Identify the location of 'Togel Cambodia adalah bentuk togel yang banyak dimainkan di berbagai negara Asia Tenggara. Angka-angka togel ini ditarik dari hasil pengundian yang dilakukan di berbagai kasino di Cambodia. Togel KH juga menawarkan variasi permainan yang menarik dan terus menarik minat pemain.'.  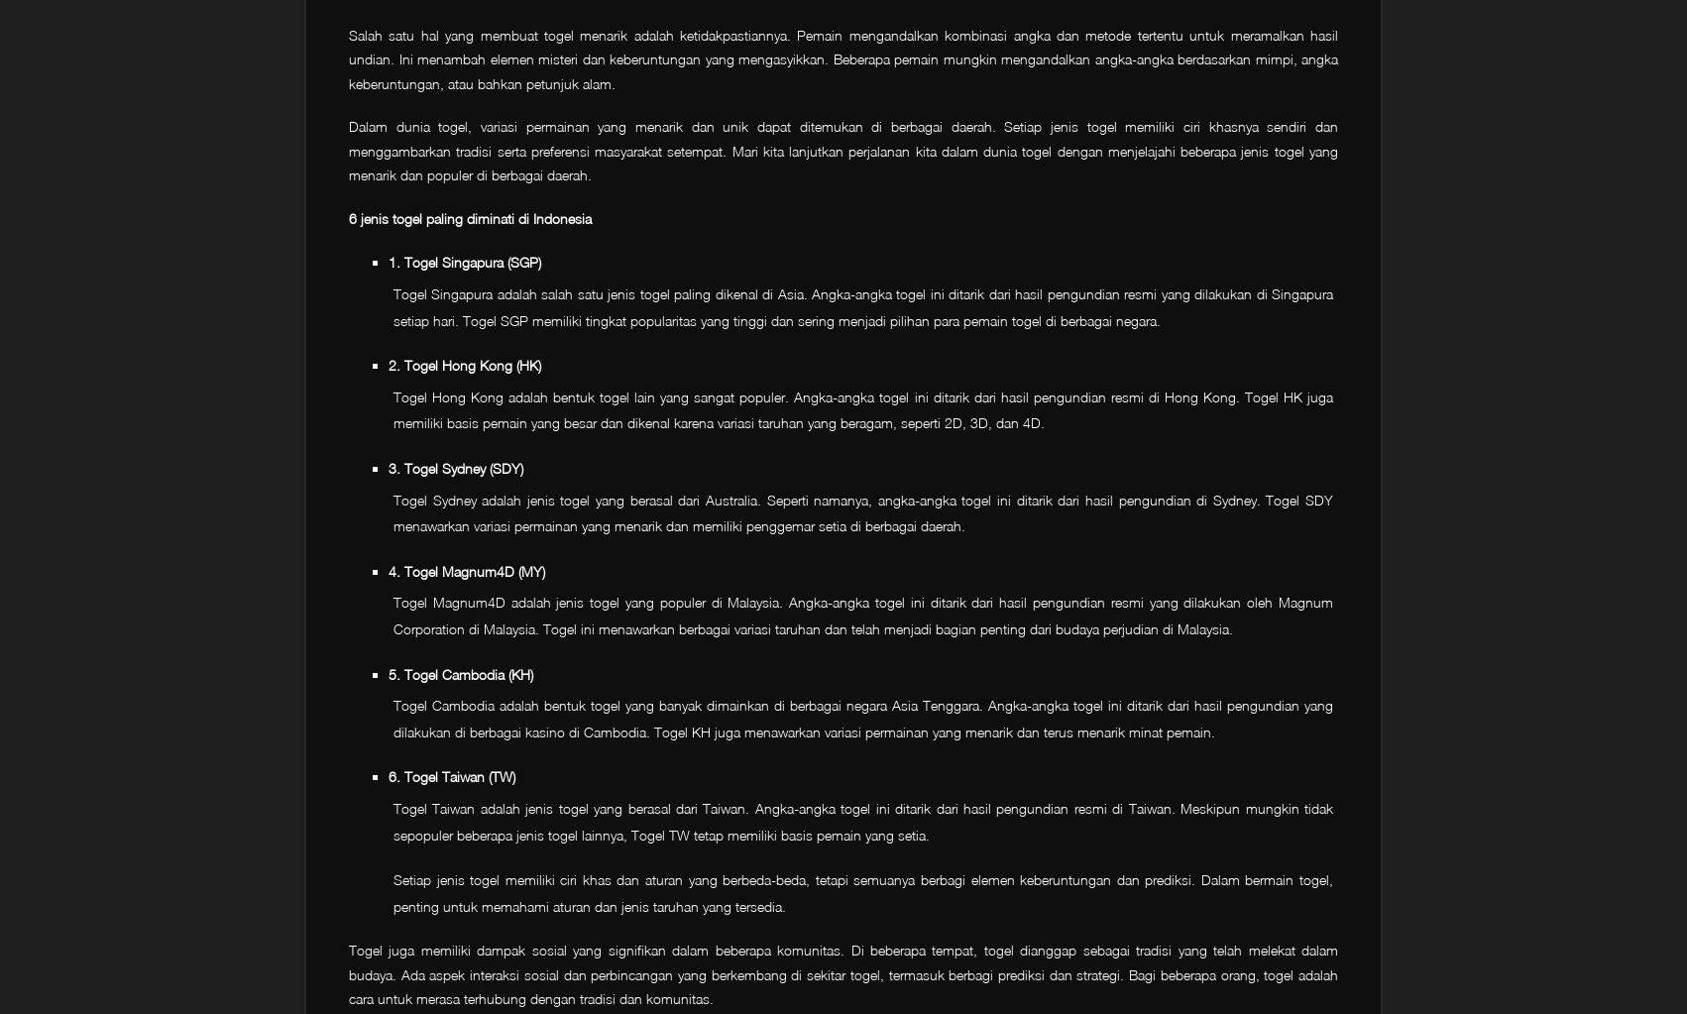
(394, 718).